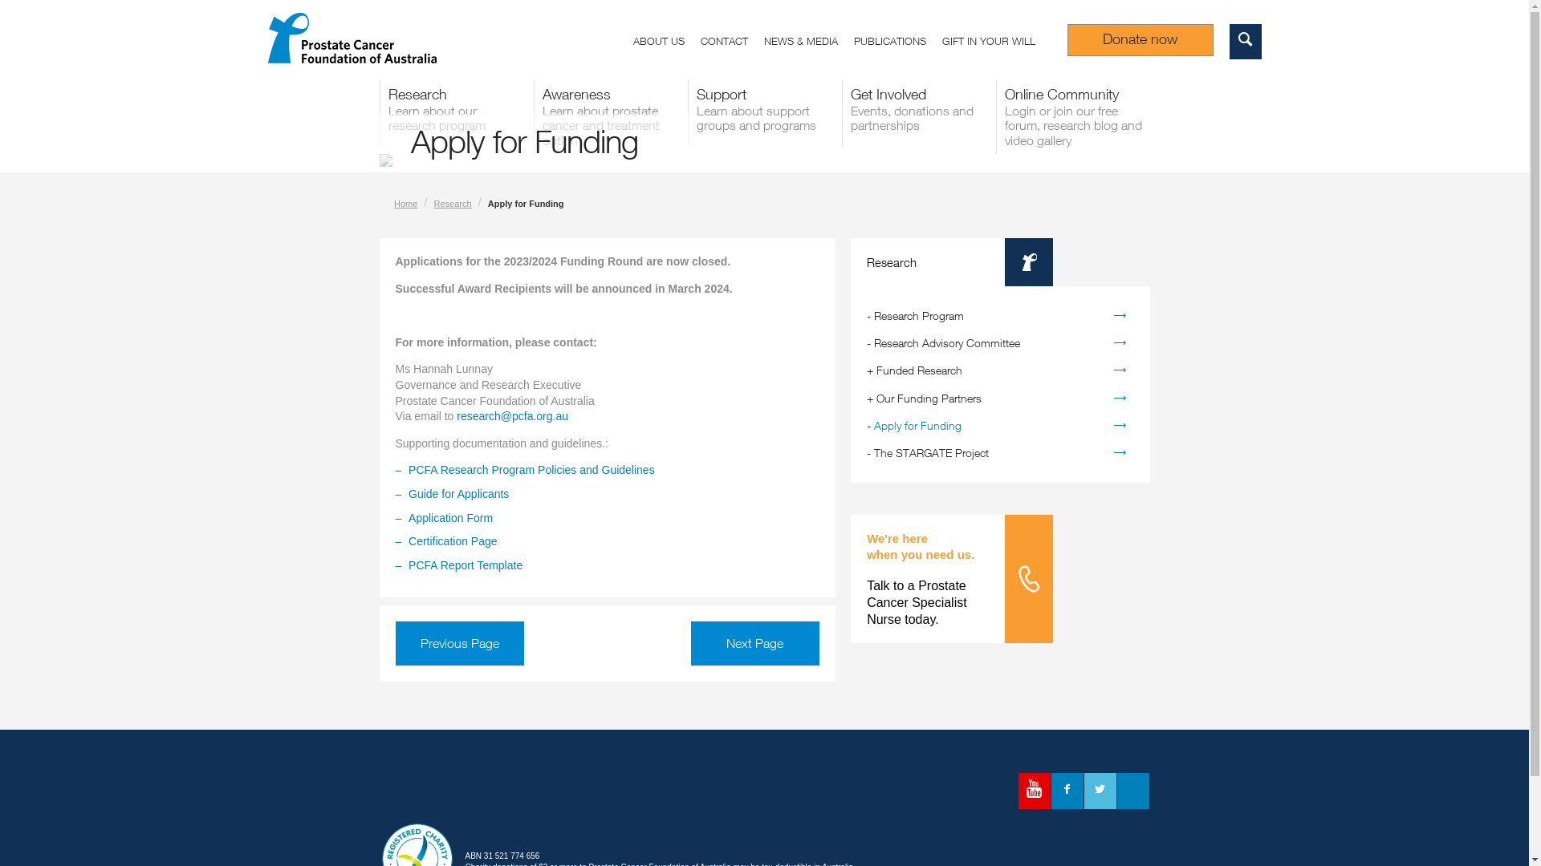 This screenshot has width=1541, height=866. What do you see at coordinates (999, 398) in the screenshot?
I see `'+ Our Funding Partners'` at bounding box center [999, 398].